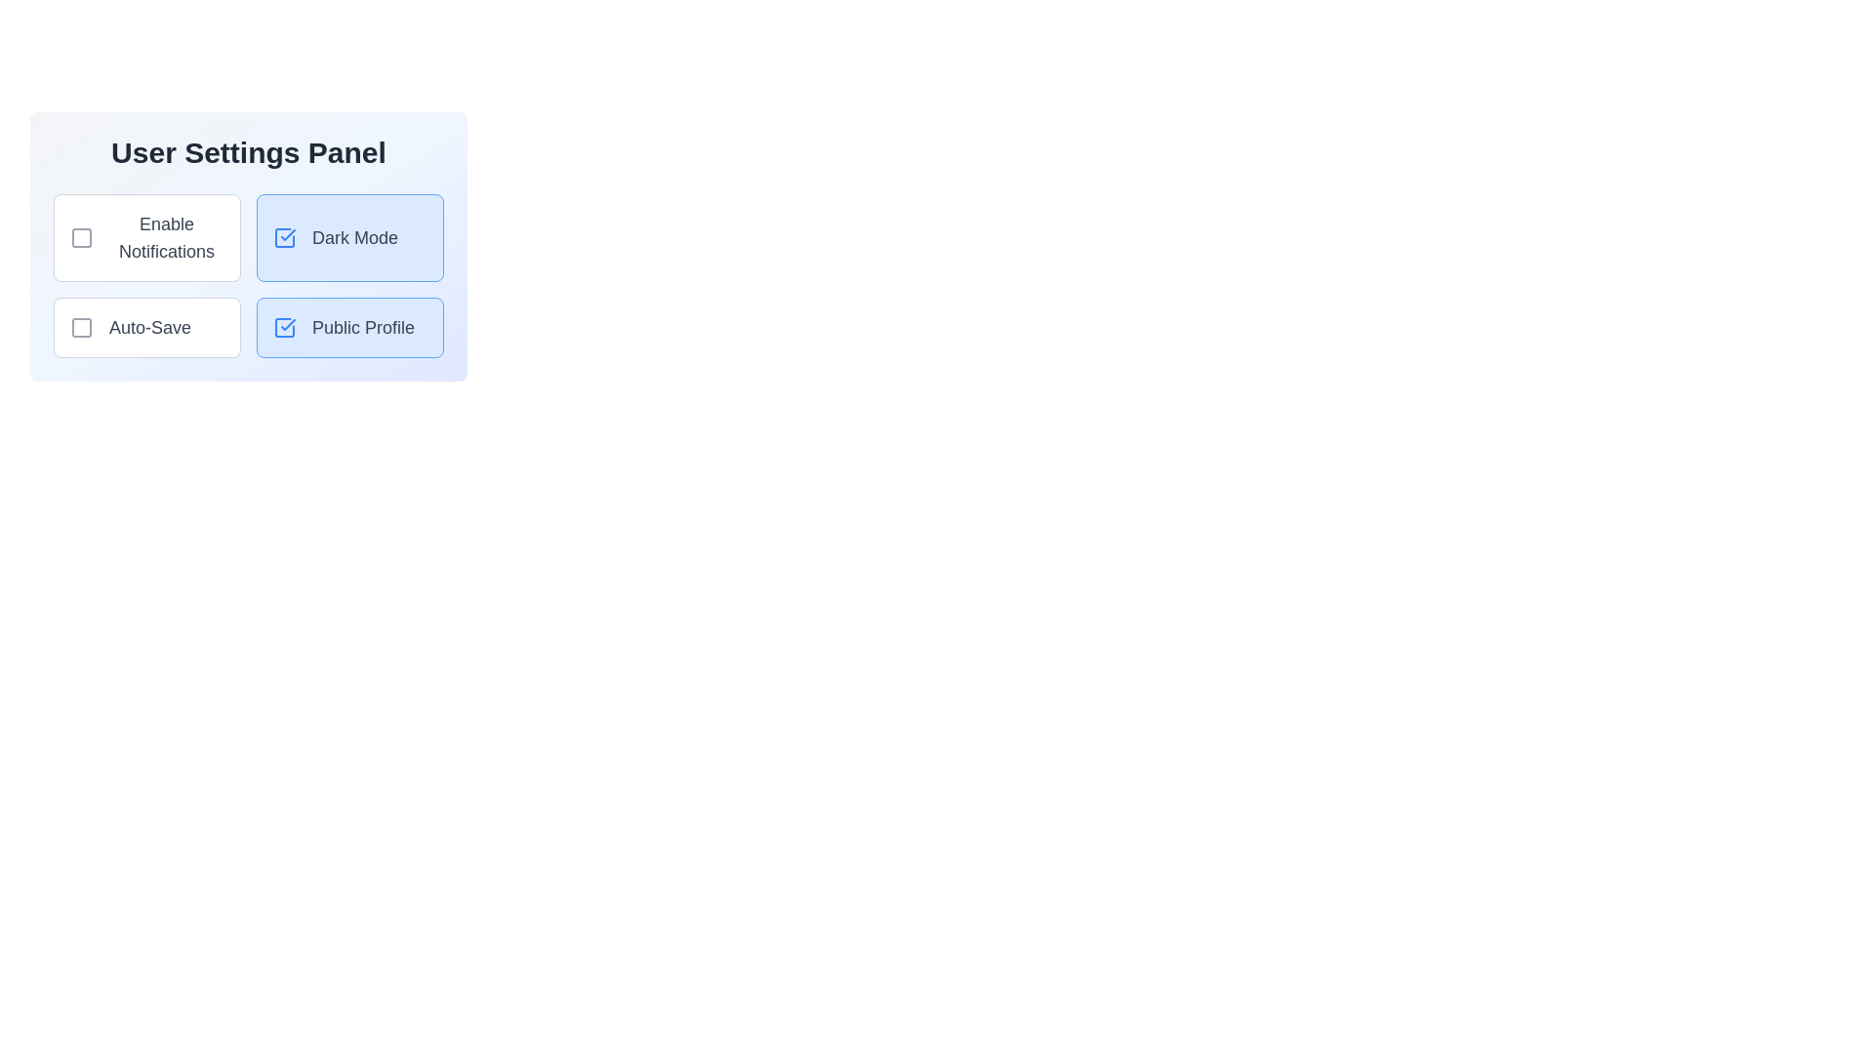  What do you see at coordinates (145, 236) in the screenshot?
I see `the checkbox labeled option in the User Settings Panel` at bounding box center [145, 236].